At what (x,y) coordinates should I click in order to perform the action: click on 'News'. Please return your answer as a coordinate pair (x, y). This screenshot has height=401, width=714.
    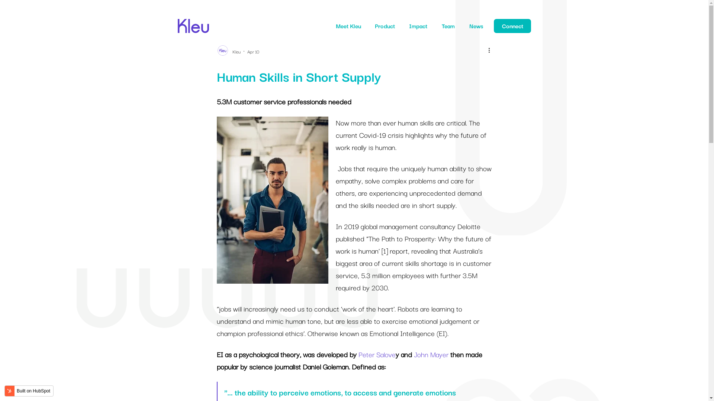
    Looking at the image, I should click on (476, 25).